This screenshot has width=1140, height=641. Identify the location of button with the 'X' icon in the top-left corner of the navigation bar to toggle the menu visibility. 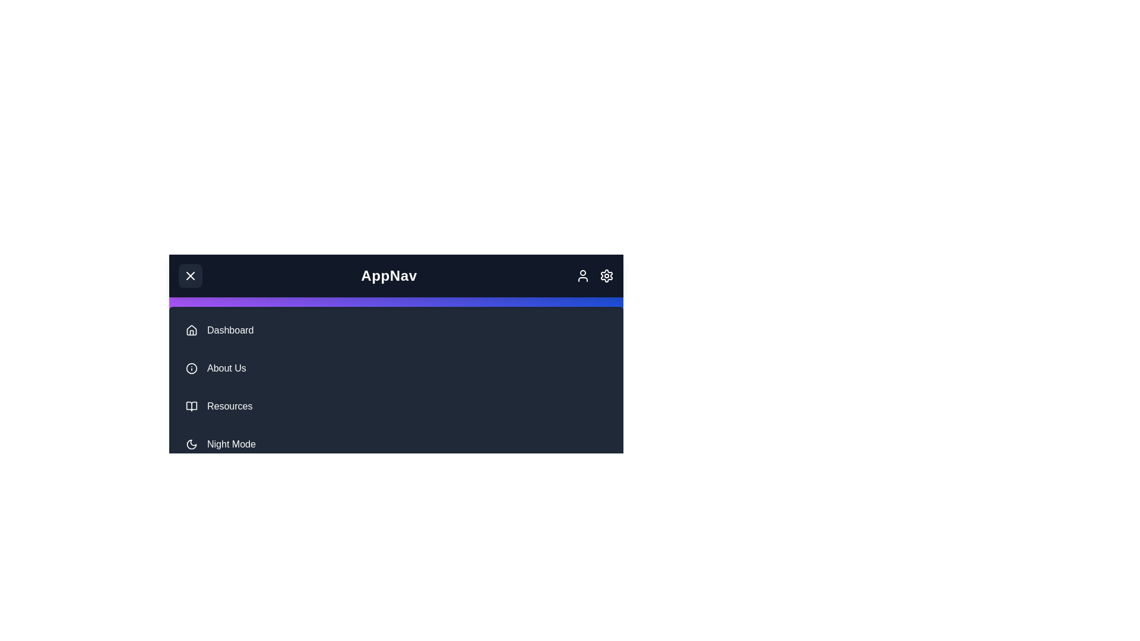
(191, 276).